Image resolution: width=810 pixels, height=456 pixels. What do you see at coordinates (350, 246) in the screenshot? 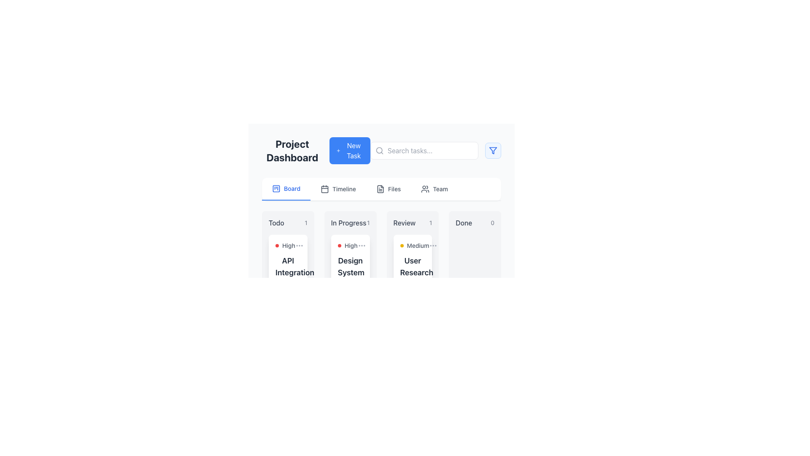
I see `priority level indicated by the 'High' label with an action icon, which is located below the 'In Progress' column heading in the Kanban board` at bounding box center [350, 246].